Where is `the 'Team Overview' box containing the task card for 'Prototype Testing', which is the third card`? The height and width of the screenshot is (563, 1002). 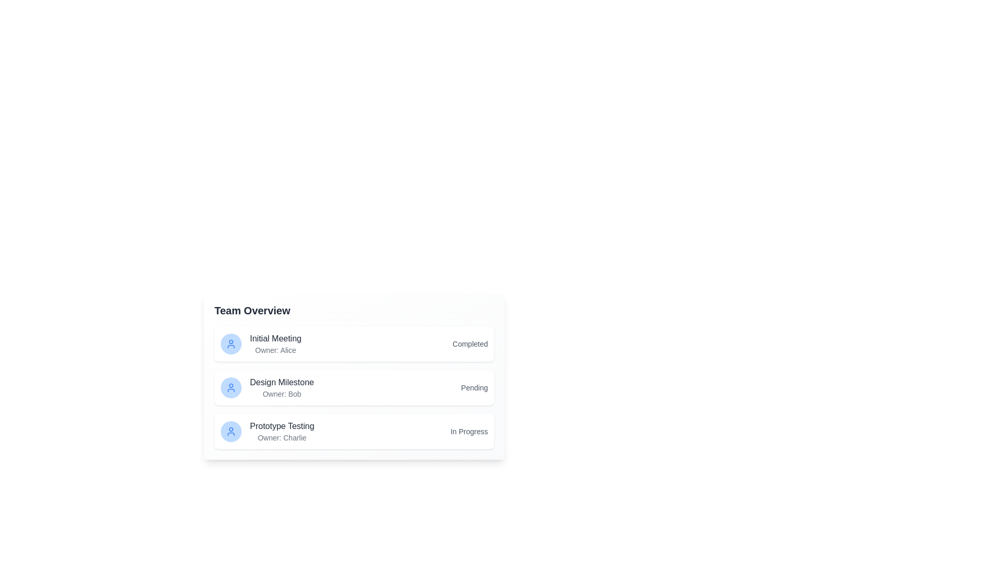 the 'Team Overview' box containing the task card for 'Prototype Testing', which is the third card is located at coordinates (354, 432).